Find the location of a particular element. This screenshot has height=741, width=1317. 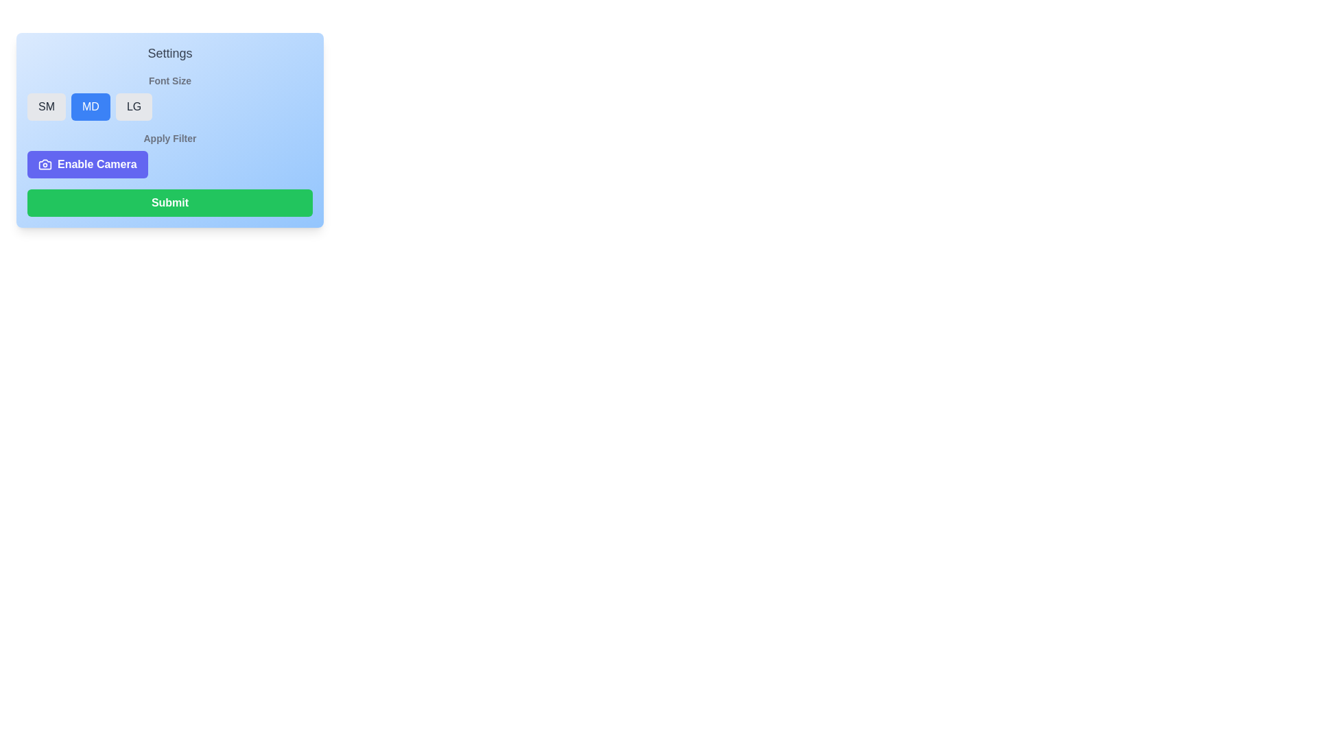

the text label that conveys a description or title for the purple button, located in the center of the button is located at coordinates (96, 163).